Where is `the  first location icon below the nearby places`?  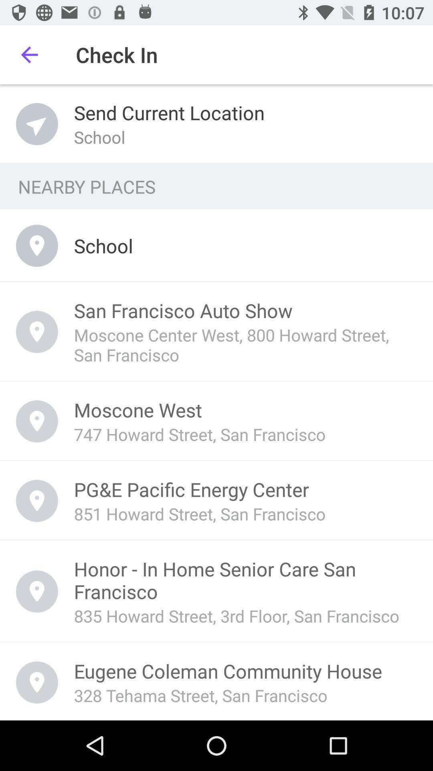
the  first location icon below the nearby places is located at coordinates (37, 245).